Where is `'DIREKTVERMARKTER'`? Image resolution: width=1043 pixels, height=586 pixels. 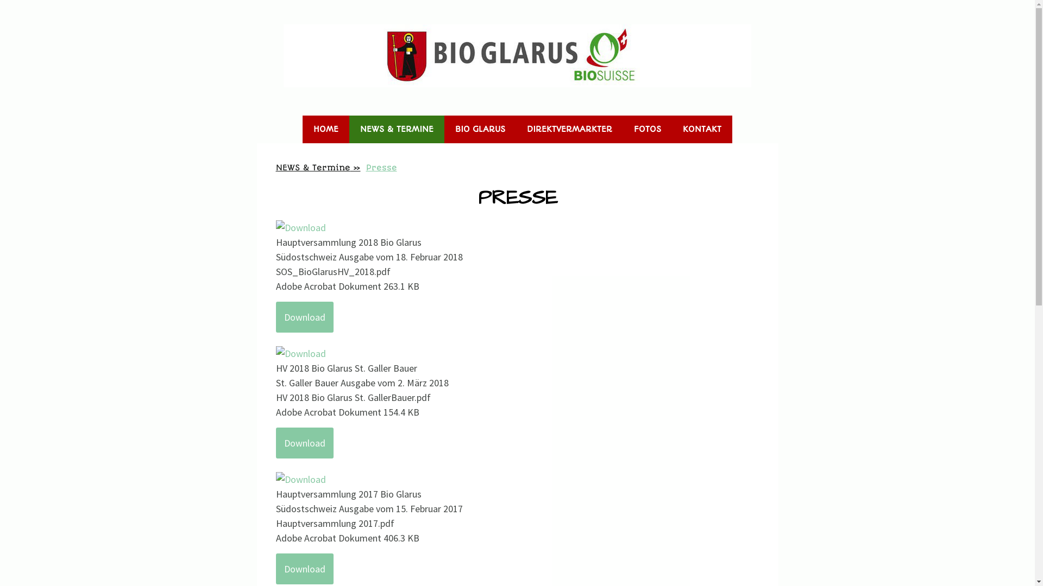 'DIREKTVERMARKTER' is located at coordinates (569, 129).